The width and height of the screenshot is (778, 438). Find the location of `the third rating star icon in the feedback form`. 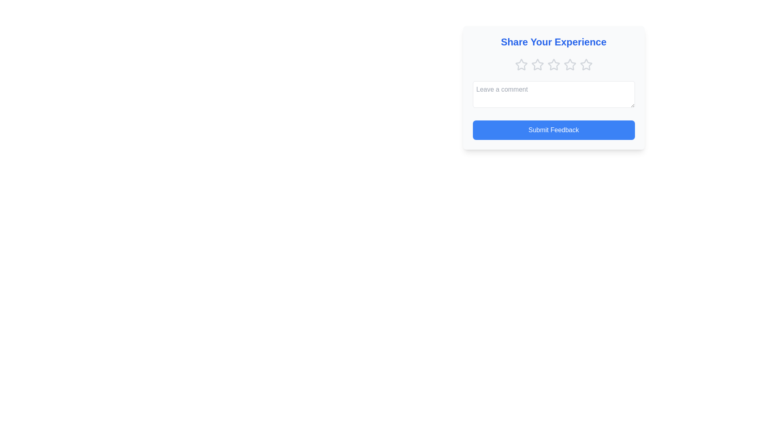

the third rating star icon in the feedback form is located at coordinates (553, 64).